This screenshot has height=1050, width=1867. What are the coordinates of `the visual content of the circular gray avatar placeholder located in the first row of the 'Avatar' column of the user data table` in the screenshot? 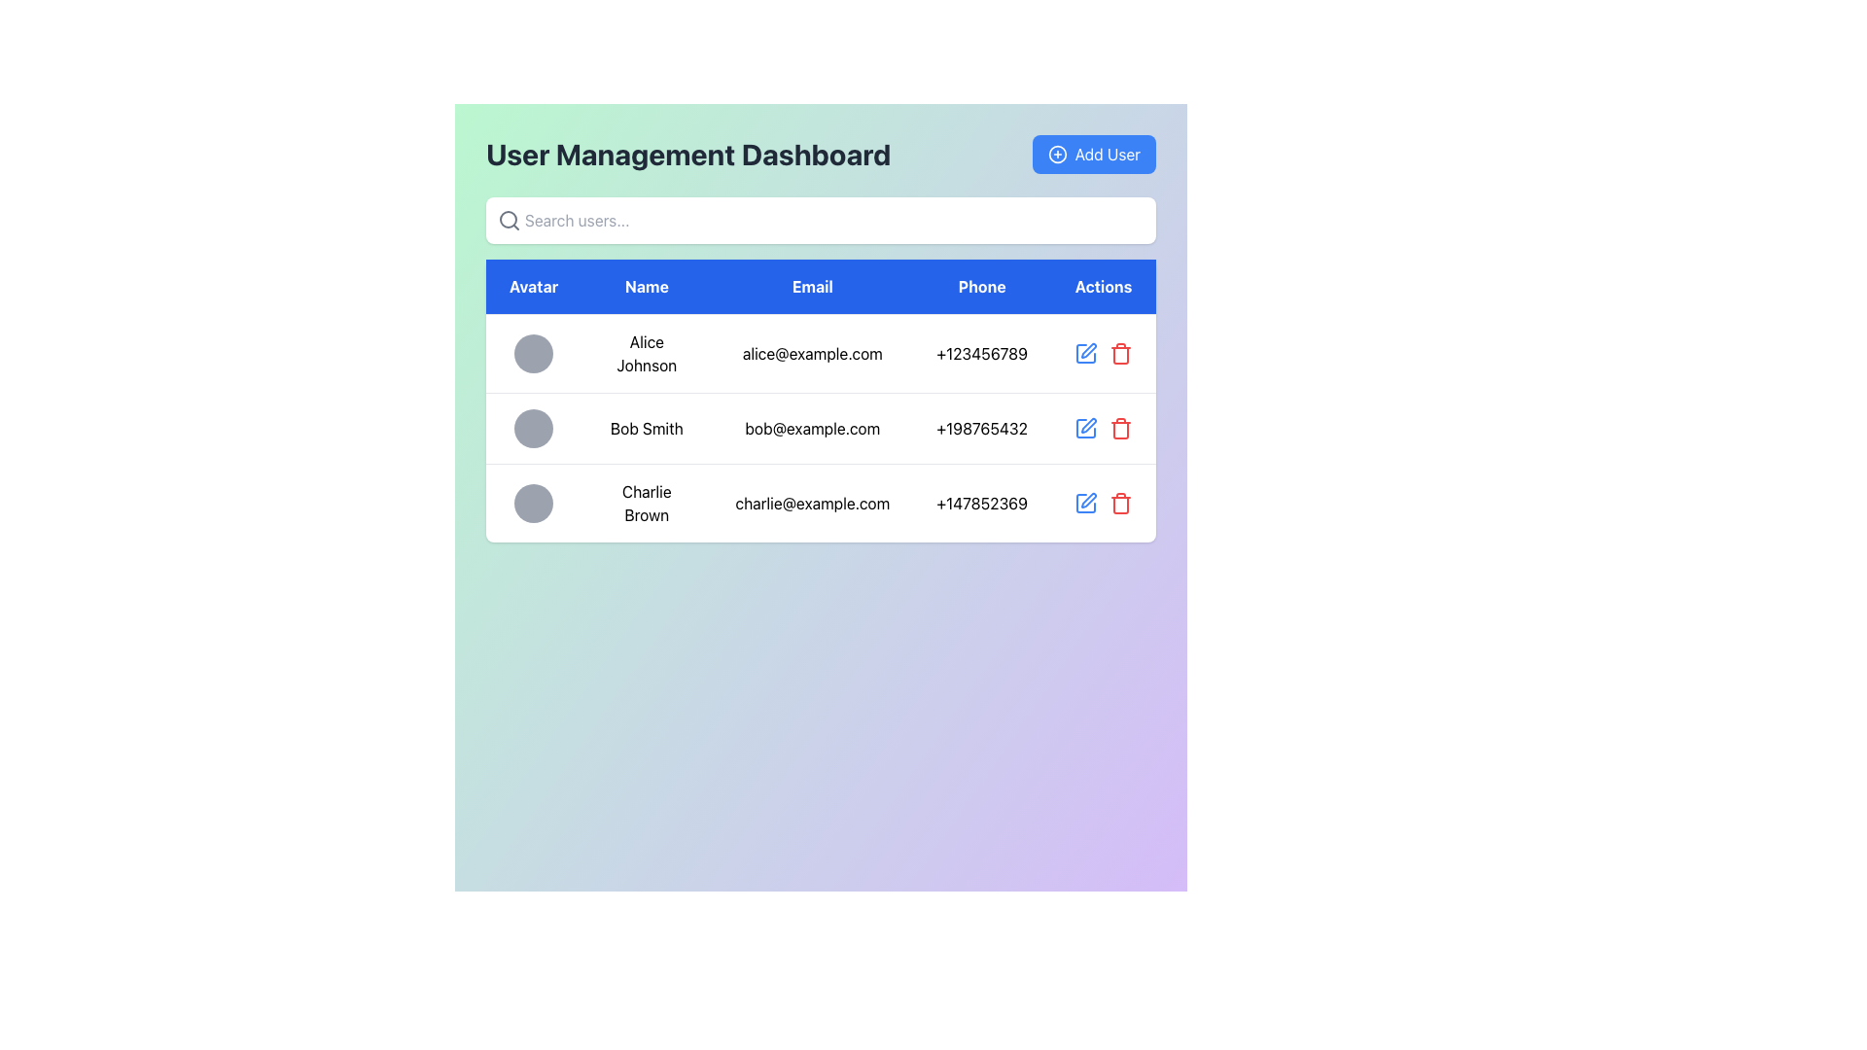 It's located at (534, 353).